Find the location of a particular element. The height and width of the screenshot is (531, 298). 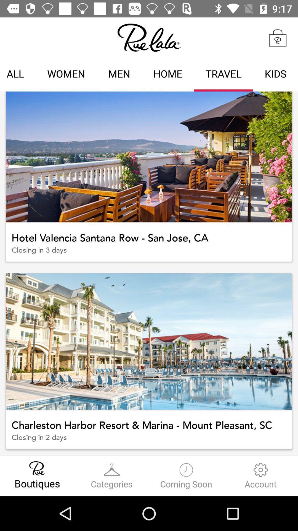

the icon to the right of home icon is located at coordinates (223, 74).